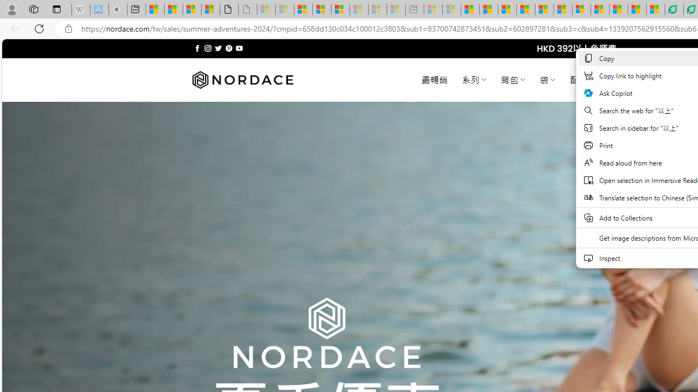  I want to click on 'Follow on Facebook', so click(197, 48).